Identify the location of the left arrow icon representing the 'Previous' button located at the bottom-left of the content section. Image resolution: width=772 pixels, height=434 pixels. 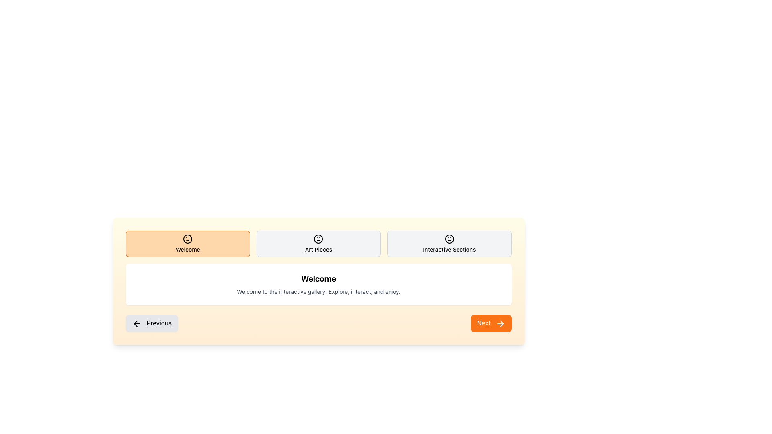
(135, 323).